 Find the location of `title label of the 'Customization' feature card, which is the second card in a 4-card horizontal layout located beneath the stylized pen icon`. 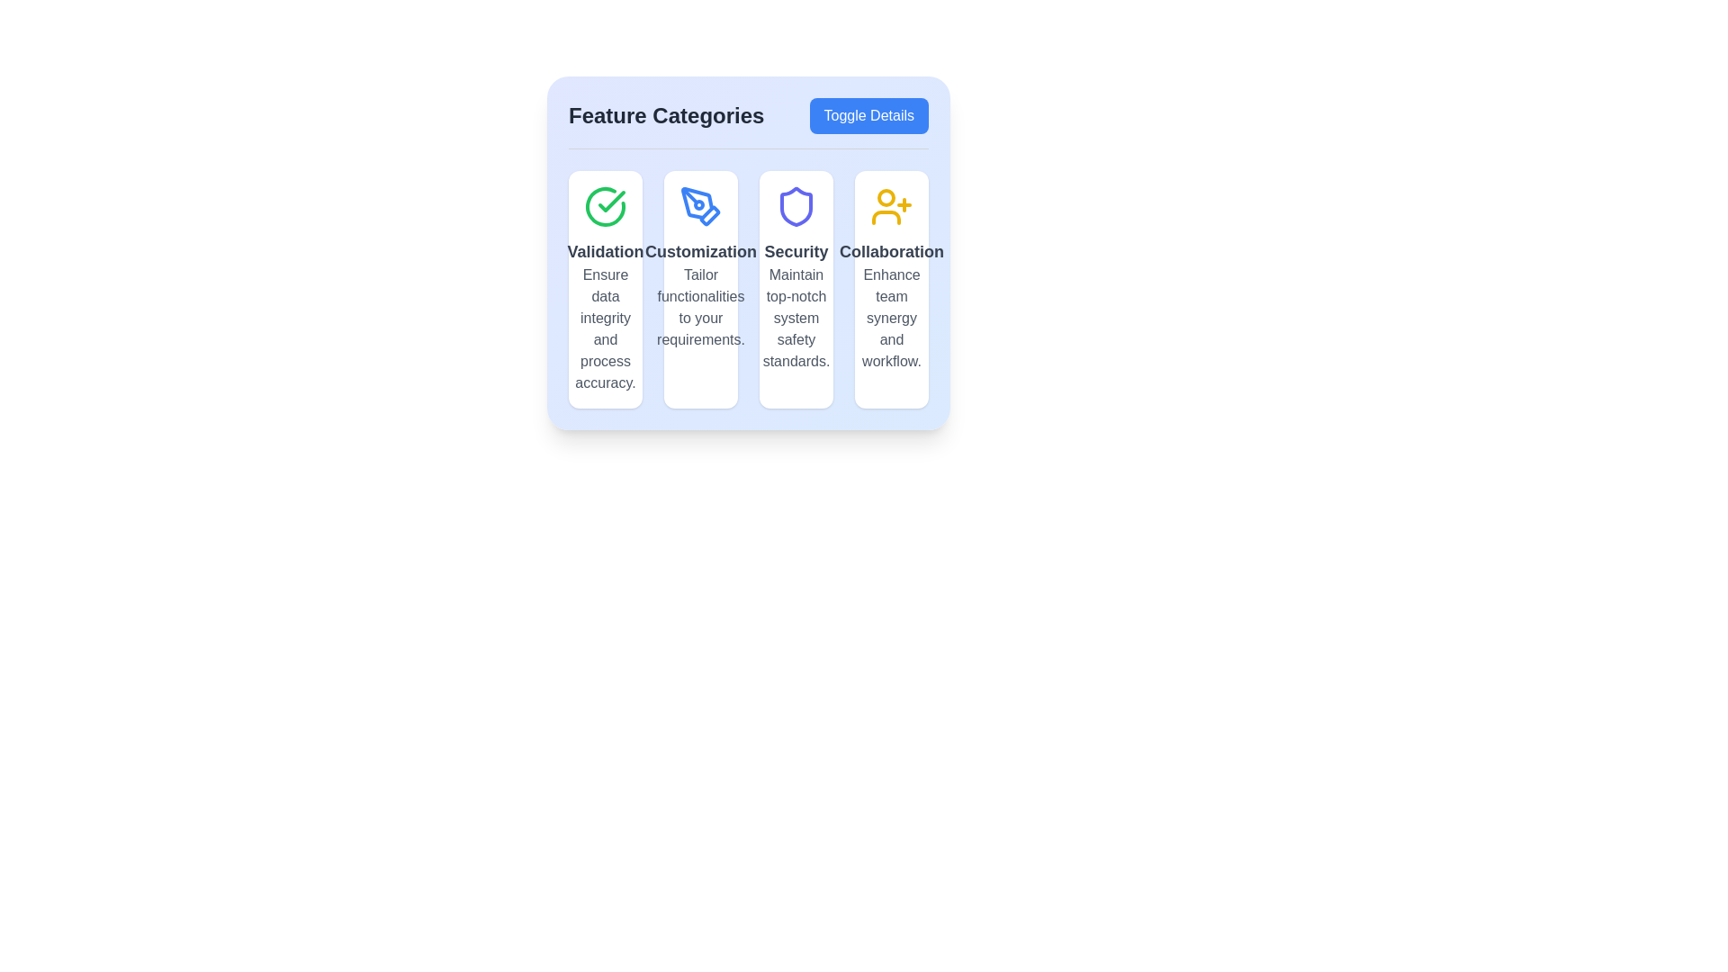

title label of the 'Customization' feature card, which is the second card in a 4-card horizontal layout located beneath the stylized pen icon is located at coordinates (699, 252).